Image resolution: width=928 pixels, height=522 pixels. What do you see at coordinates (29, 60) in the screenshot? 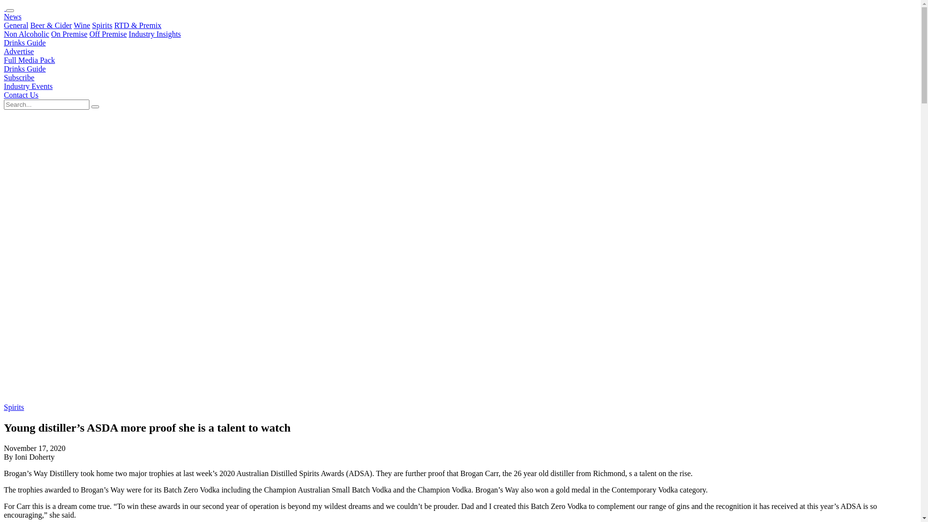
I see `'Full Media Pack'` at bounding box center [29, 60].